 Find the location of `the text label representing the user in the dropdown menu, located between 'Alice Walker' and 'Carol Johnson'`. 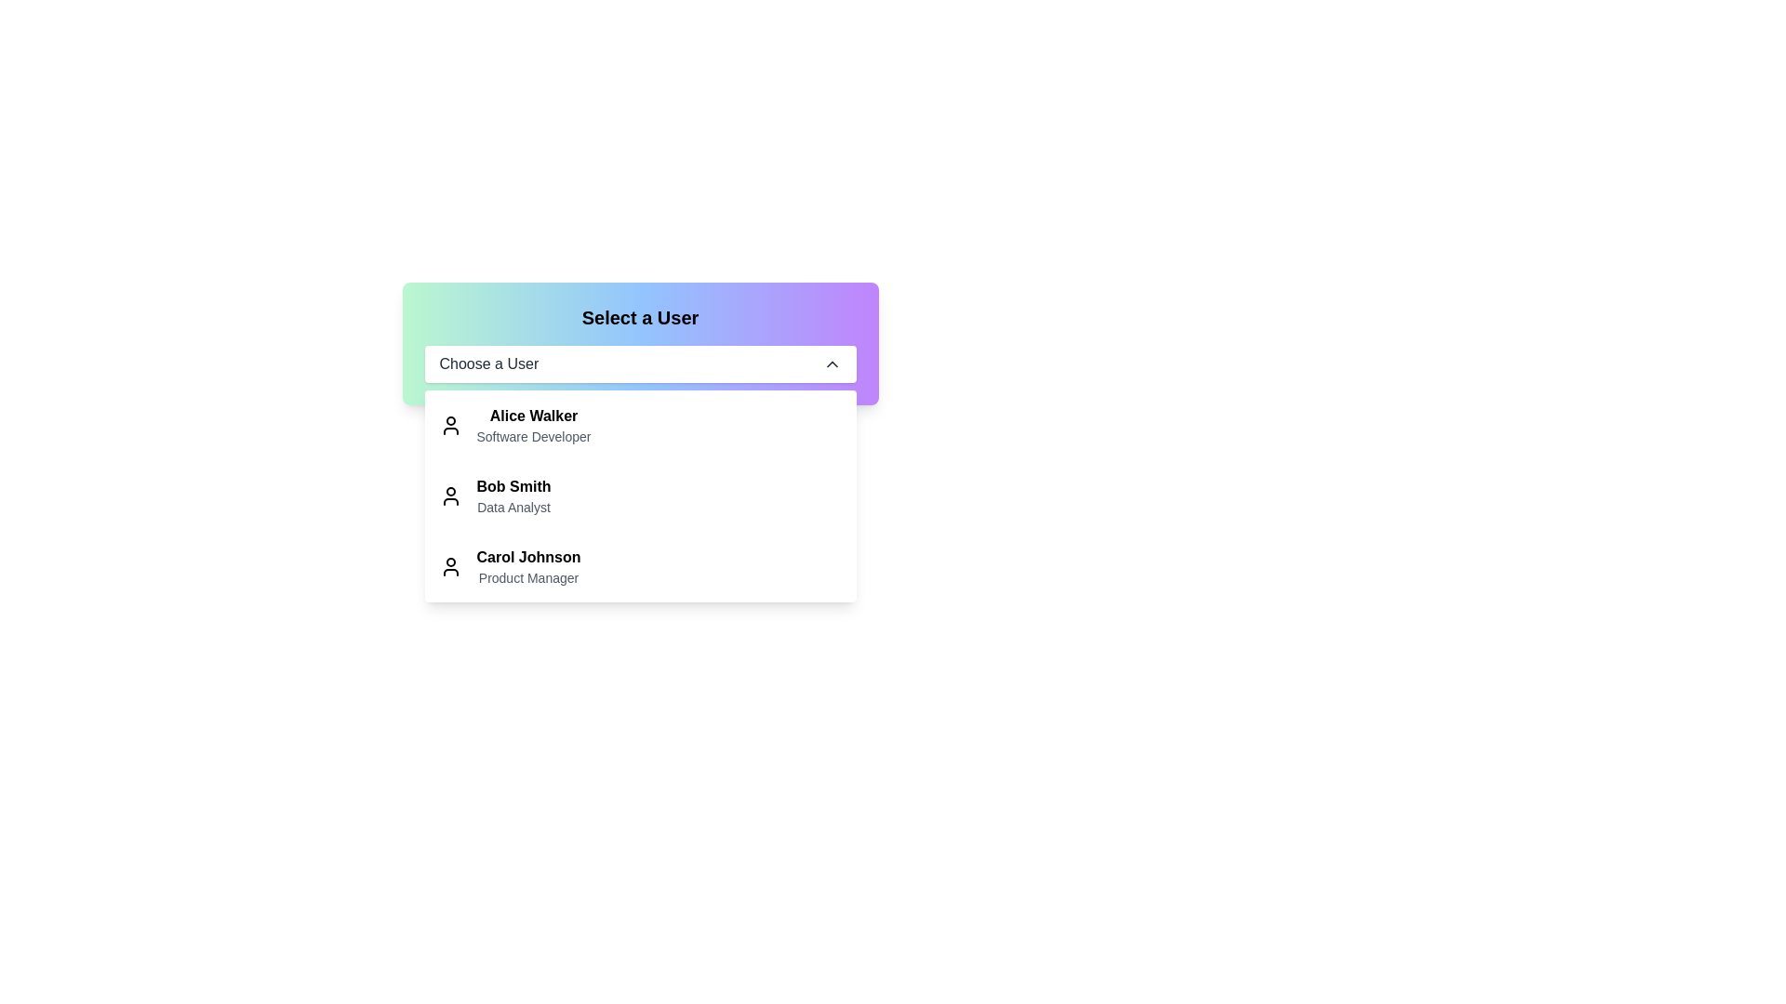

the text label representing the user in the dropdown menu, located between 'Alice Walker' and 'Carol Johnson' is located at coordinates (513, 486).